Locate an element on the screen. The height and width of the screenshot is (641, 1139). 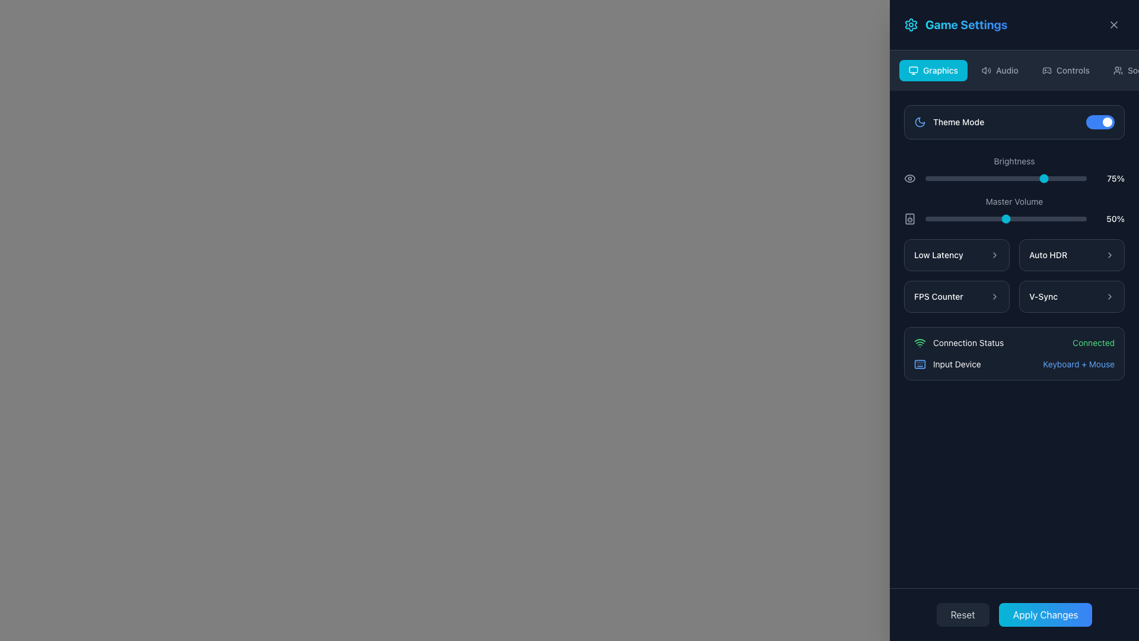
the Master Volume is located at coordinates (1046, 219).